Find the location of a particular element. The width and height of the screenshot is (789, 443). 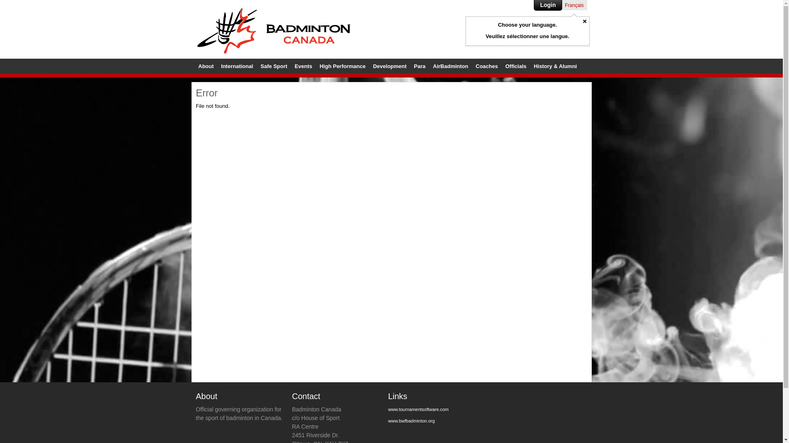

'Officials' is located at coordinates (515, 66).